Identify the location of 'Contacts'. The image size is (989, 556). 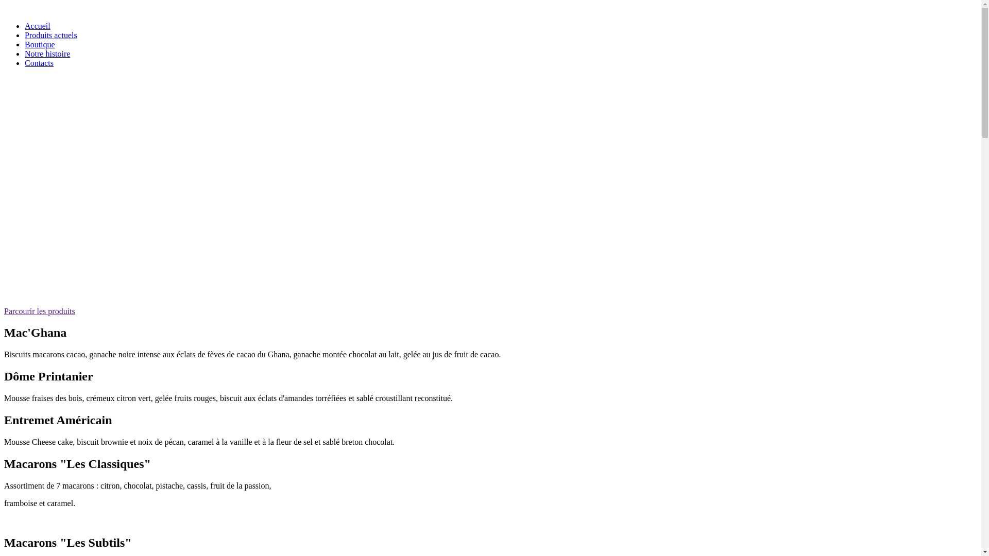
(39, 63).